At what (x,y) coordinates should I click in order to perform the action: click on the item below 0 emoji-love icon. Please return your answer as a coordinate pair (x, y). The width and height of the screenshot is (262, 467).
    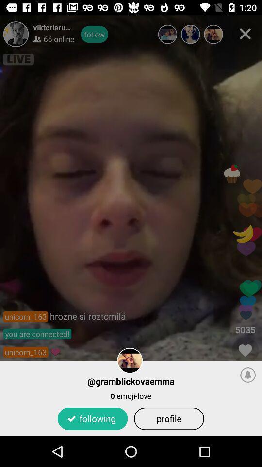
    Looking at the image, I should click on (93, 418).